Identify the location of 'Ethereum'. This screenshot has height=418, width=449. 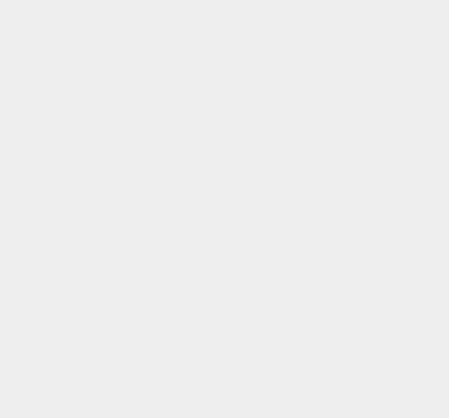
(328, 19).